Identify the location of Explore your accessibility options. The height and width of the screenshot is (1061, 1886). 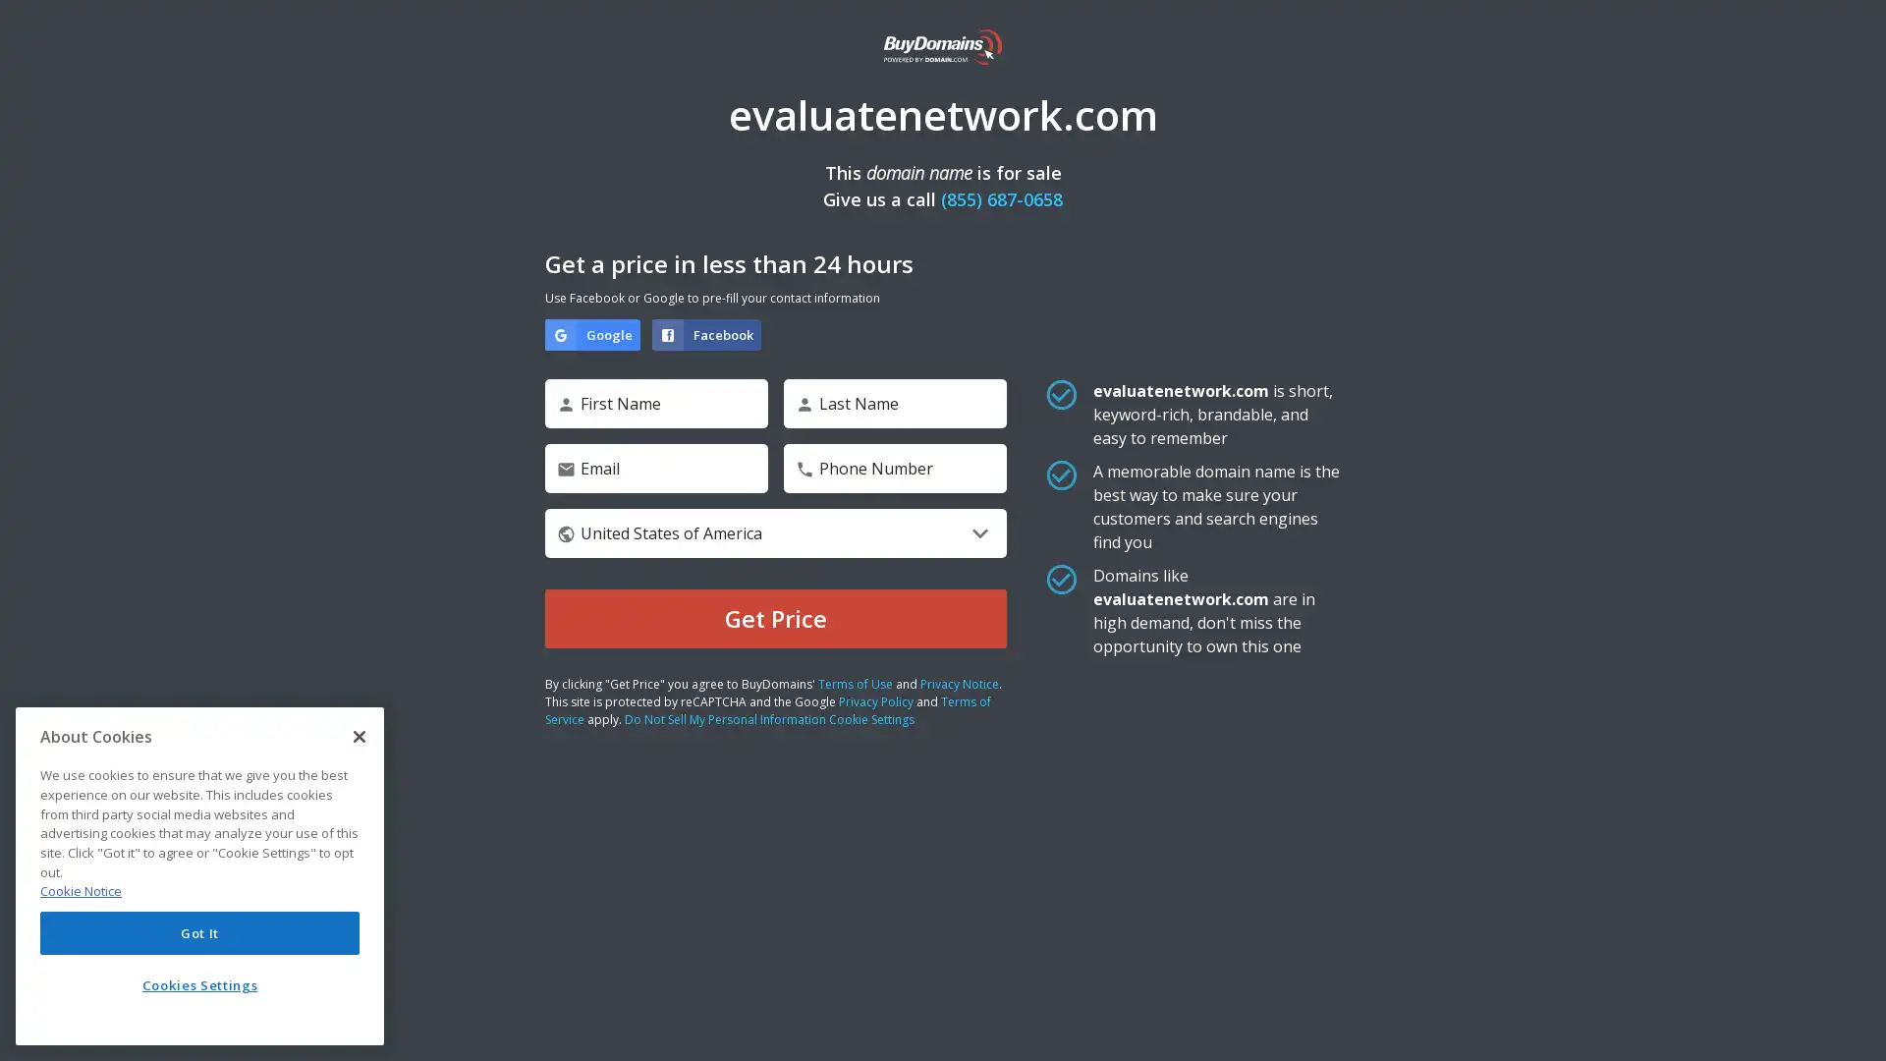
(1853, 1026).